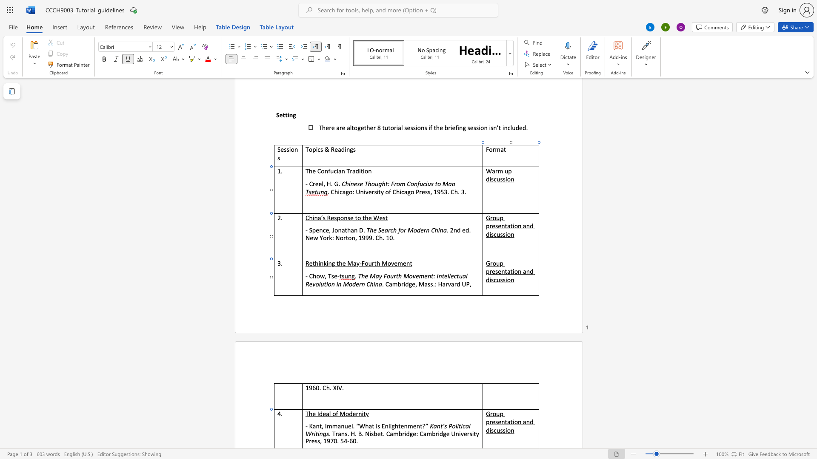 This screenshot has height=459, width=817. Describe the element at coordinates (326, 413) in the screenshot. I see `the space between the continuous character "e" and "a" in the text` at that location.